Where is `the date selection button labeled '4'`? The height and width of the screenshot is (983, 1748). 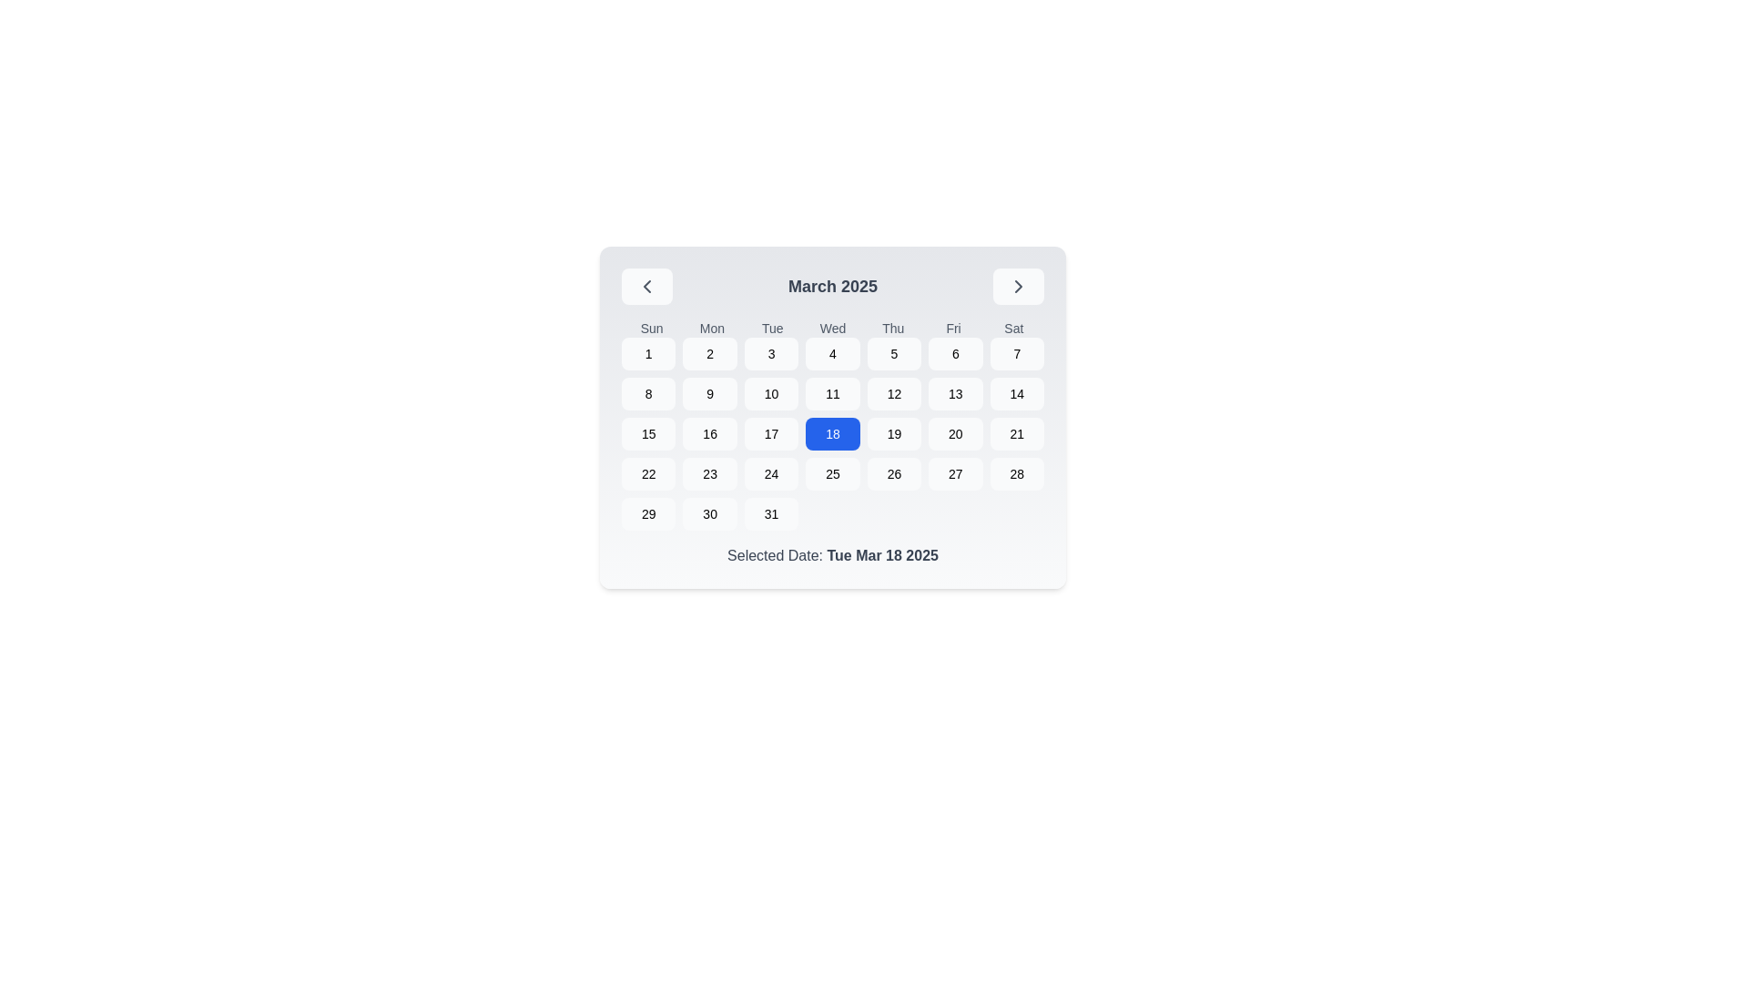
the date selection button labeled '4' is located at coordinates (832, 354).